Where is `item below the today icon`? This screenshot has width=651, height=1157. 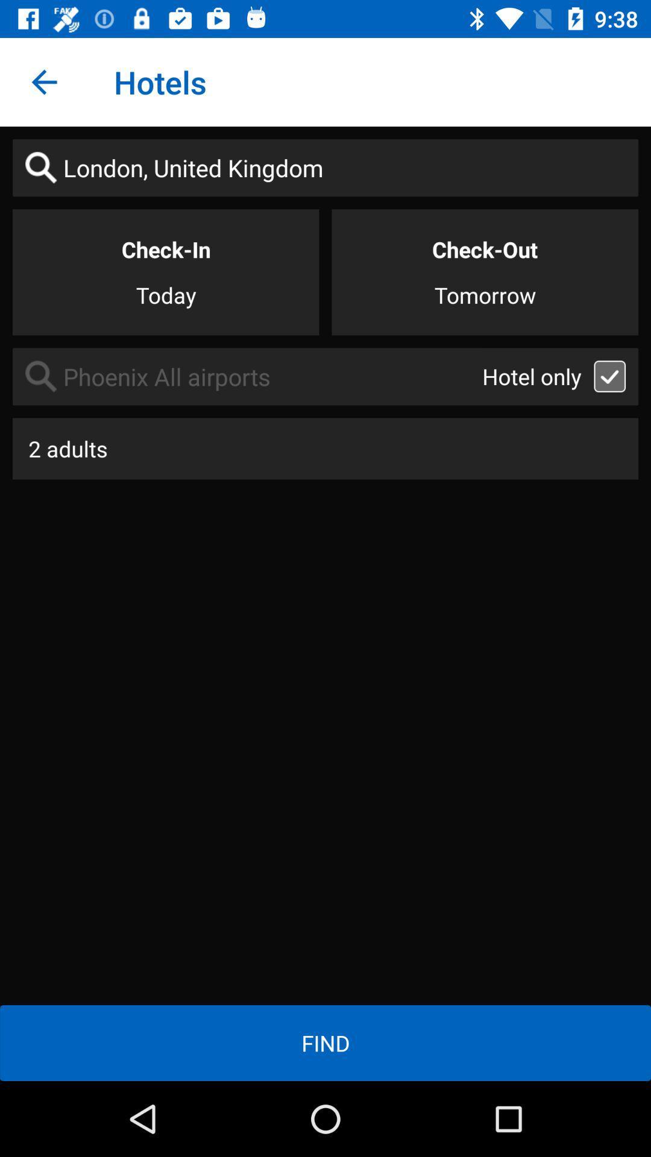
item below the today icon is located at coordinates (247, 376).